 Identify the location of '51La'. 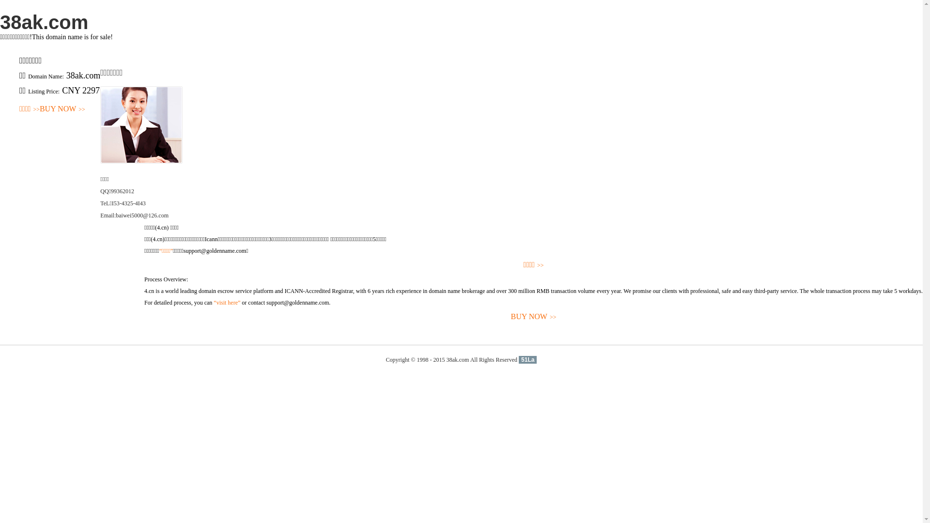
(518, 360).